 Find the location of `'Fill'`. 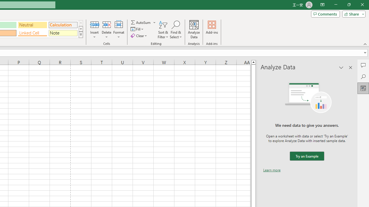

'Fill' is located at coordinates (138, 29).